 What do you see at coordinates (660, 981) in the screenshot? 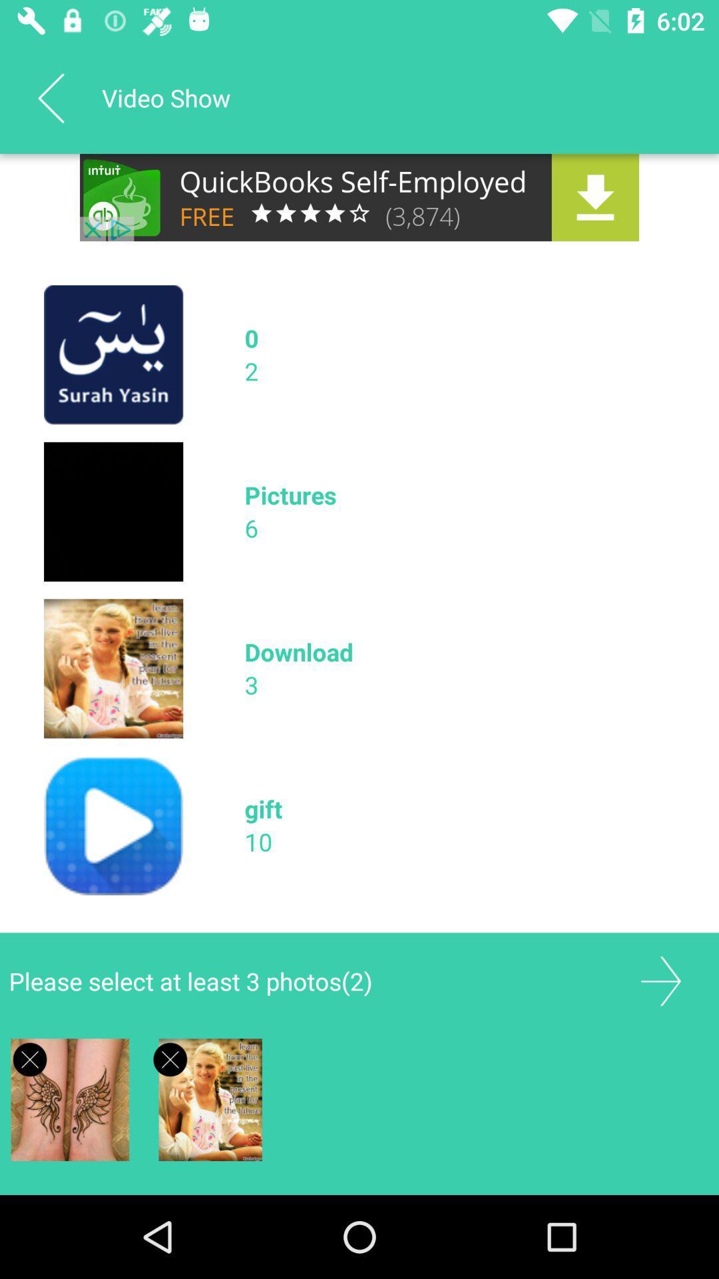
I see `next field` at bounding box center [660, 981].